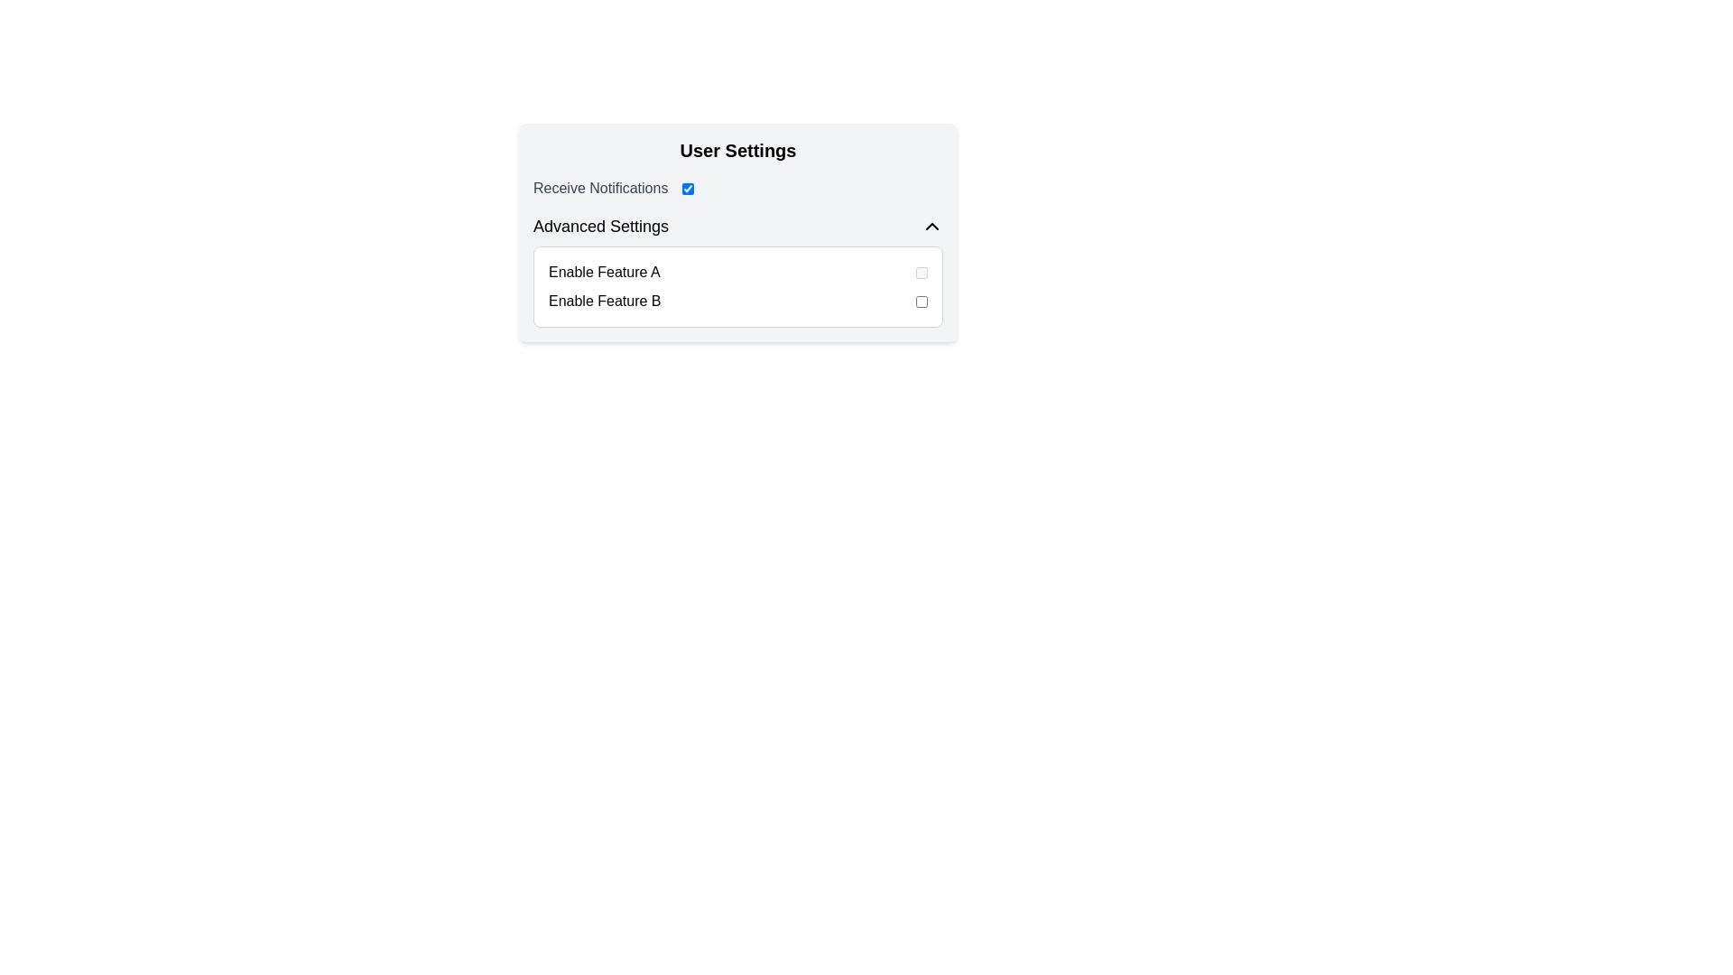 Image resolution: width=1733 pixels, height=975 pixels. I want to click on the 'Advanced Settings' heading text element, so click(601, 225).